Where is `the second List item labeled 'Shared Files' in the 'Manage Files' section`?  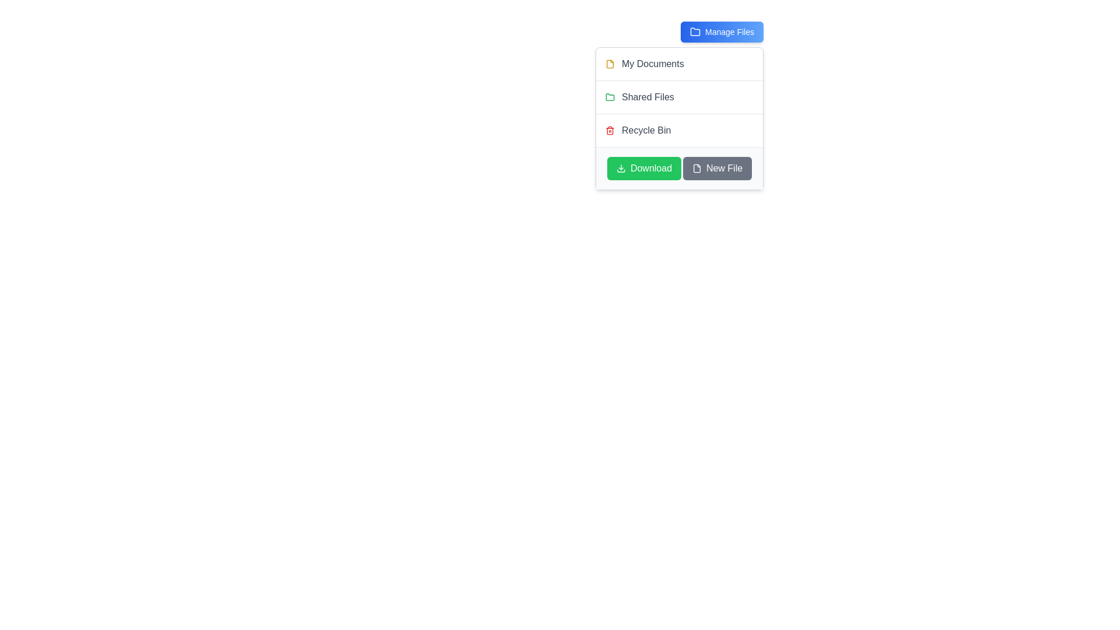
the second List item labeled 'Shared Files' in the 'Manage Files' section is located at coordinates (680, 96).